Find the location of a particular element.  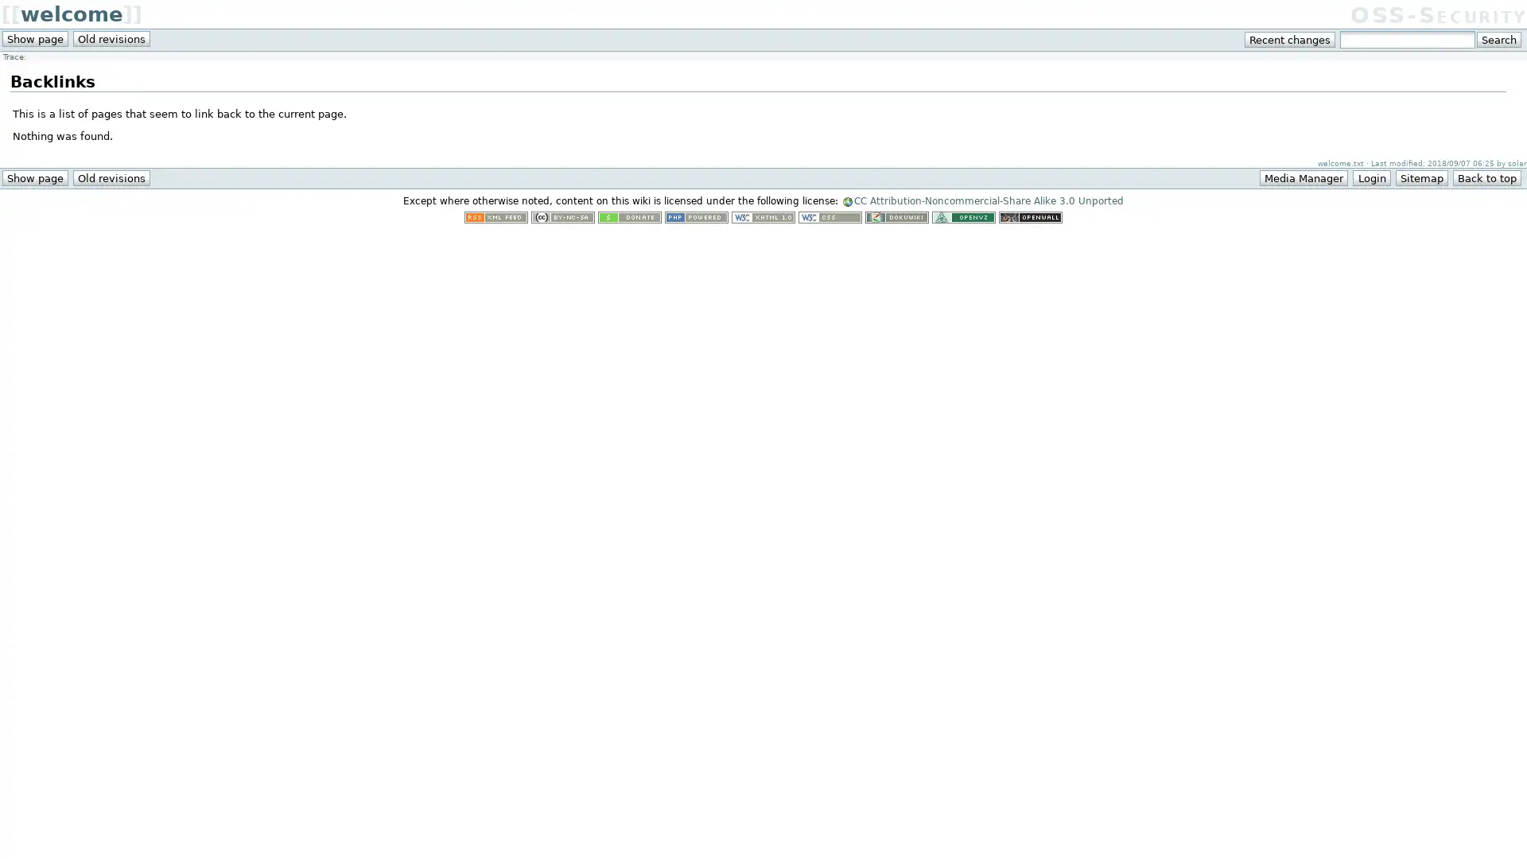

Old revisions is located at coordinates (111, 38).